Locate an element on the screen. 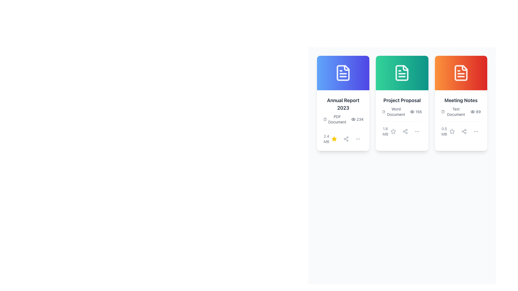 This screenshot has width=518, height=291. the label displaying 'PDF' above 'Document' with an accompanying document icon, located within the 'Annual Report 2023' card is located at coordinates (335, 119).